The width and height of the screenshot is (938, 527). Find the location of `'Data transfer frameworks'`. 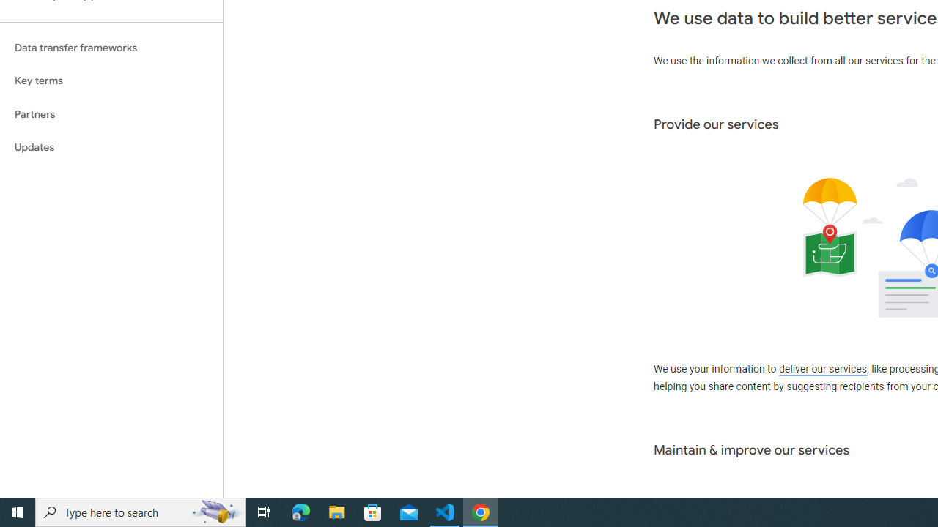

'Data transfer frameworks' is located at coordinates (111, 47).